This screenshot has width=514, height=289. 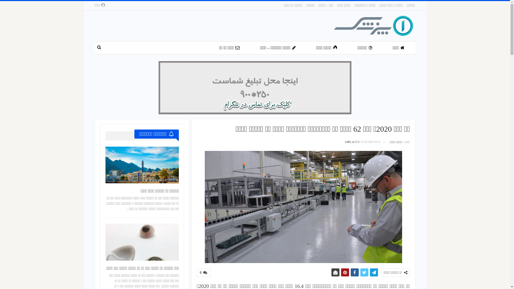 What do you see at coordinates (203, 272) in the screenshot?
I see `'0'` at bounding box center [203, 272].